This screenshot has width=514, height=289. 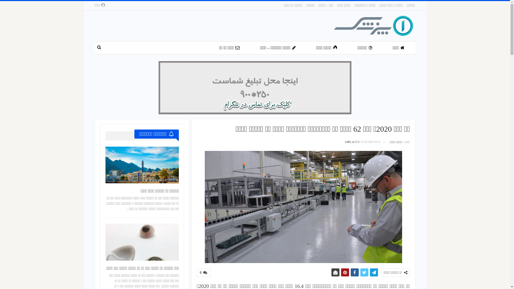 What do you see at coordinates (203, 272) in the screenshot?
I see `'0'` at bounding box center [203, 272].